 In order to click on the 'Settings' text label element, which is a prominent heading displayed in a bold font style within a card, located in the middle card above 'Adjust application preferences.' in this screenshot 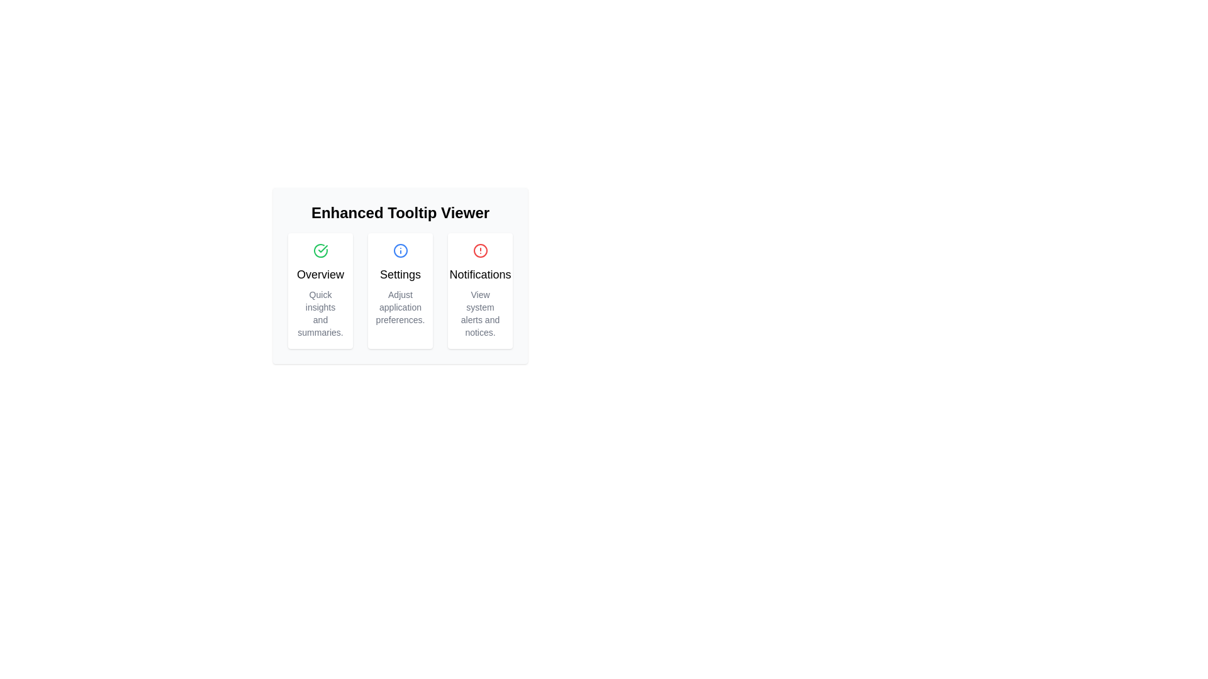, I will do `click(400, 273)`.